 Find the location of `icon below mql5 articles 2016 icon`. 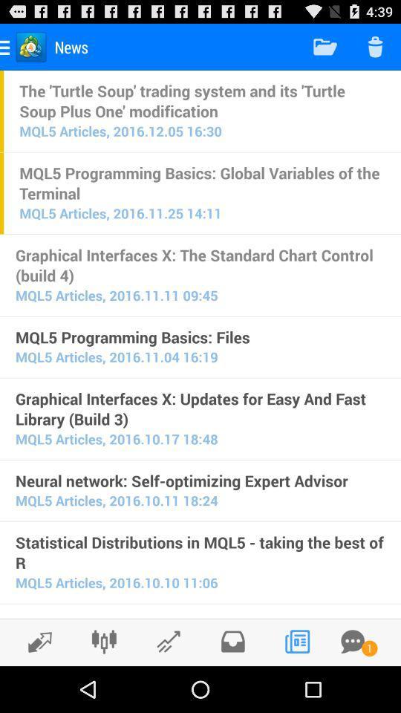

icon below mql5 articles 2016 icon is located at coordinates (200, 616).